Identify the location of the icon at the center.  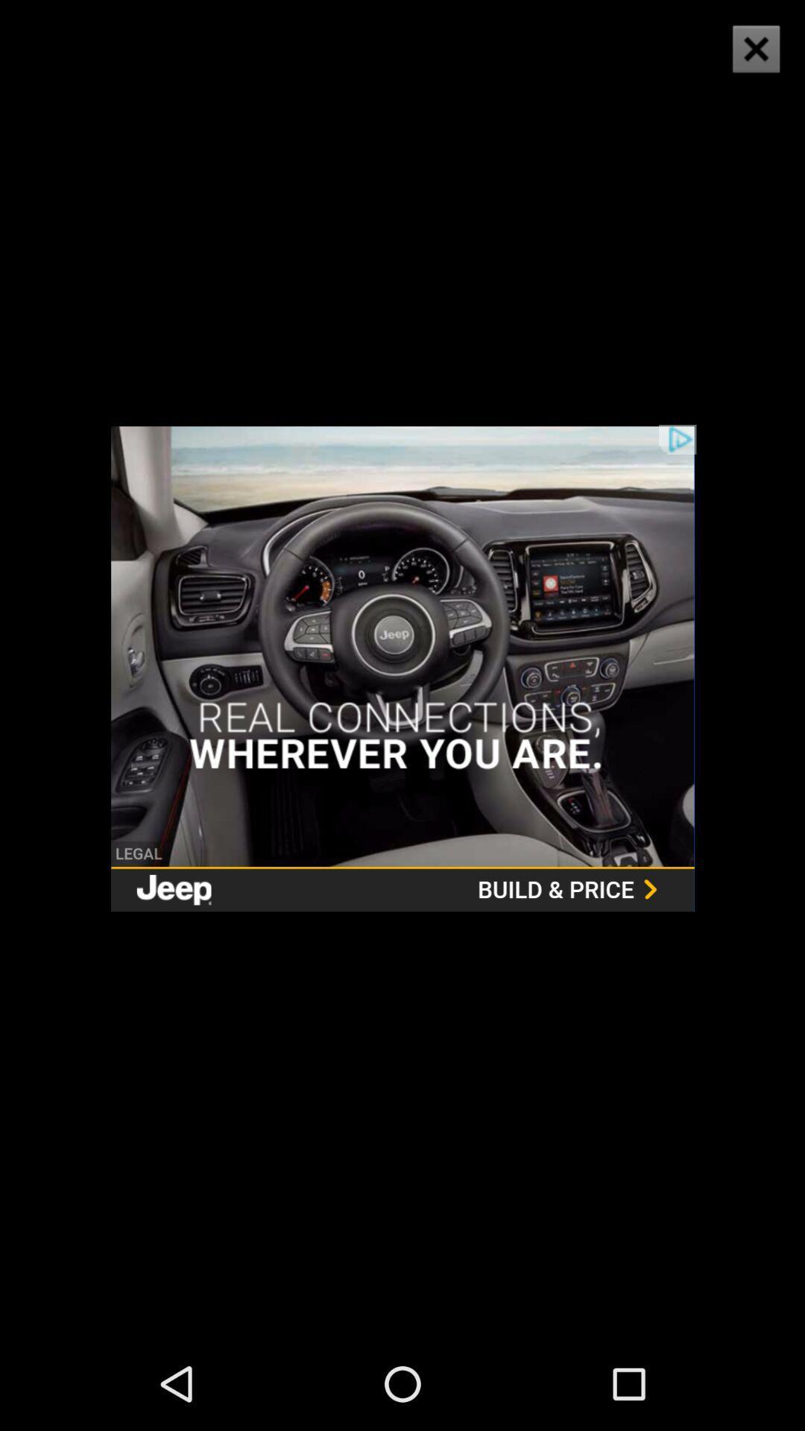
(402, 668).